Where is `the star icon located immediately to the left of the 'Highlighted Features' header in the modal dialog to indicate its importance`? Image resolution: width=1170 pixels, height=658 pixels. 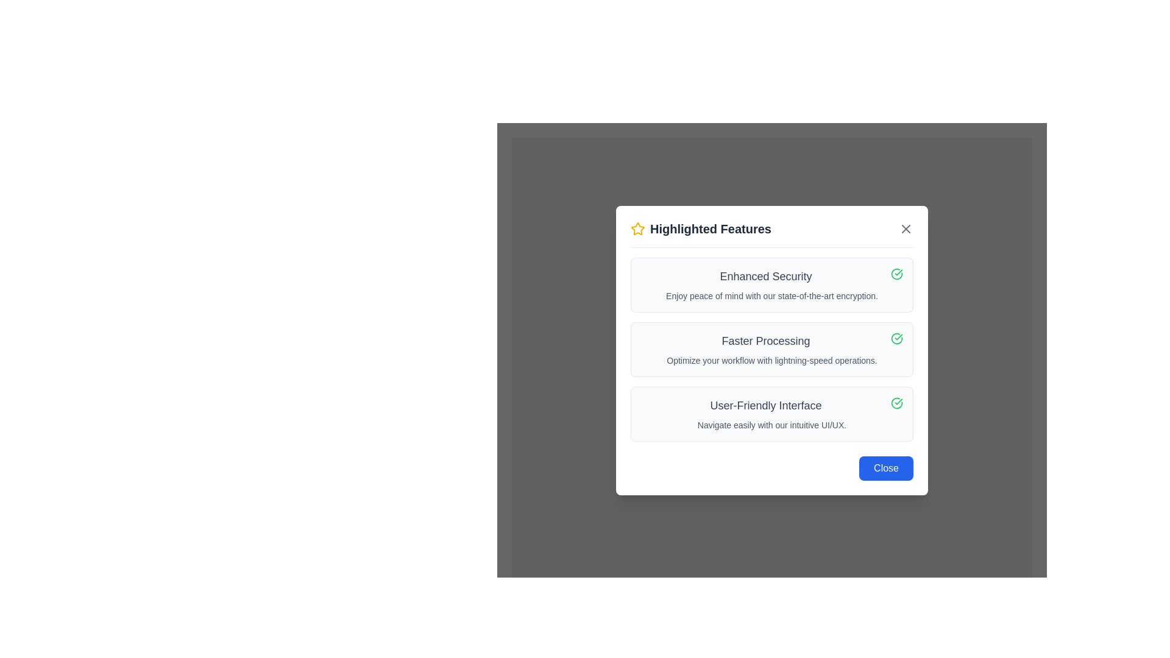
the star icon located immediately to the left of the 'Highlighted Features' header in the modal dialog to indicate its importance is located at coordinates (637, 228).